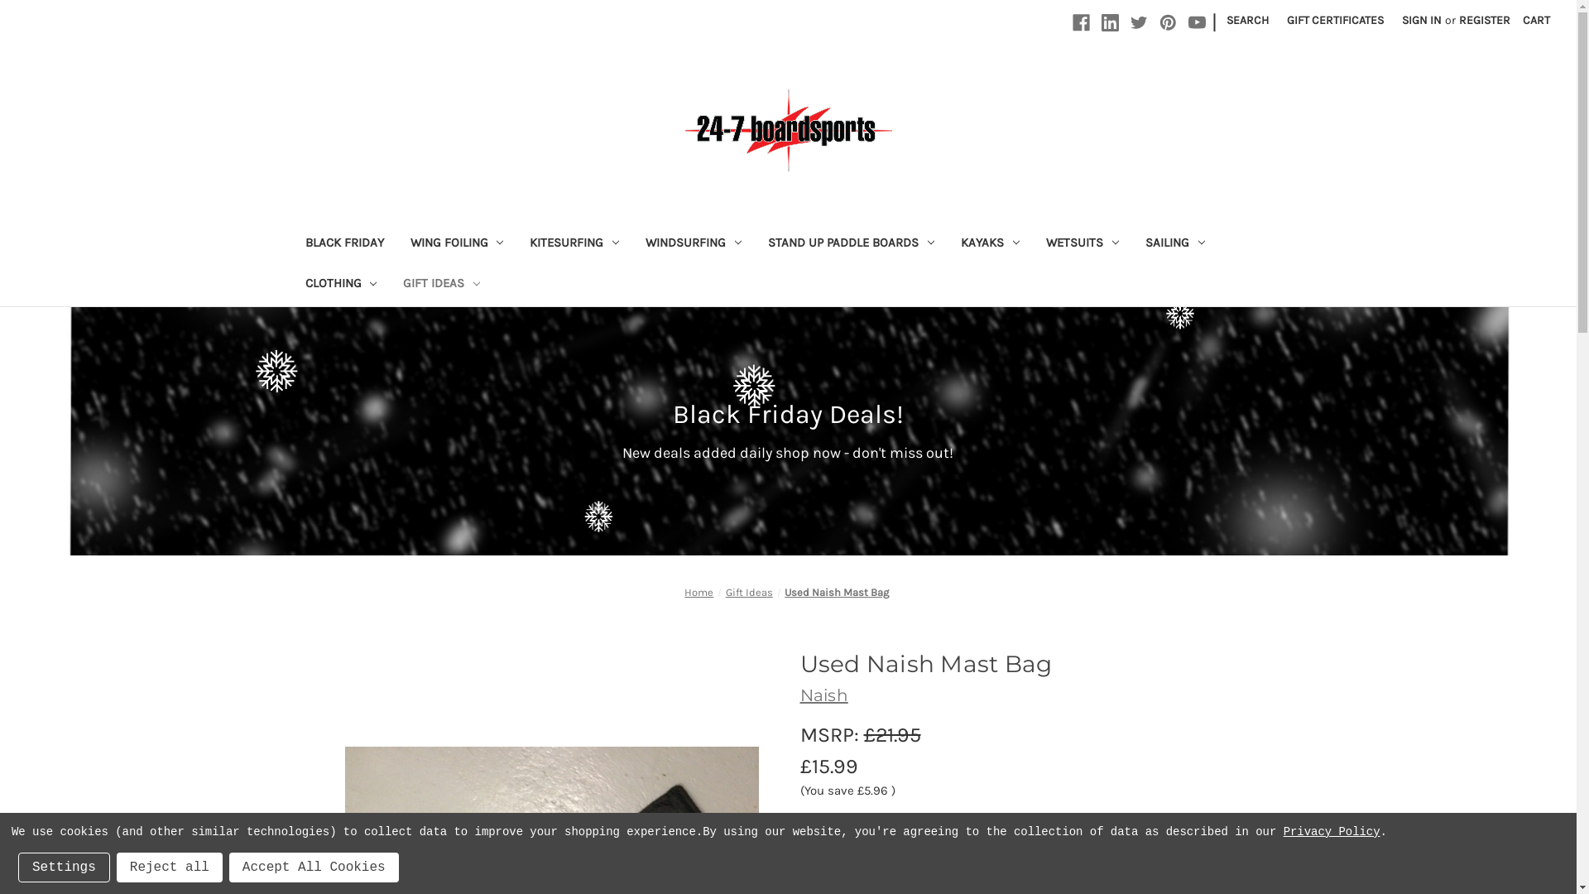 The width and height of the screenshot is (1589, 894). What do you see at coordinates (1247, 20) in the screenshot?
I see `'SEARCH'` at bounding box center [1247, 20].